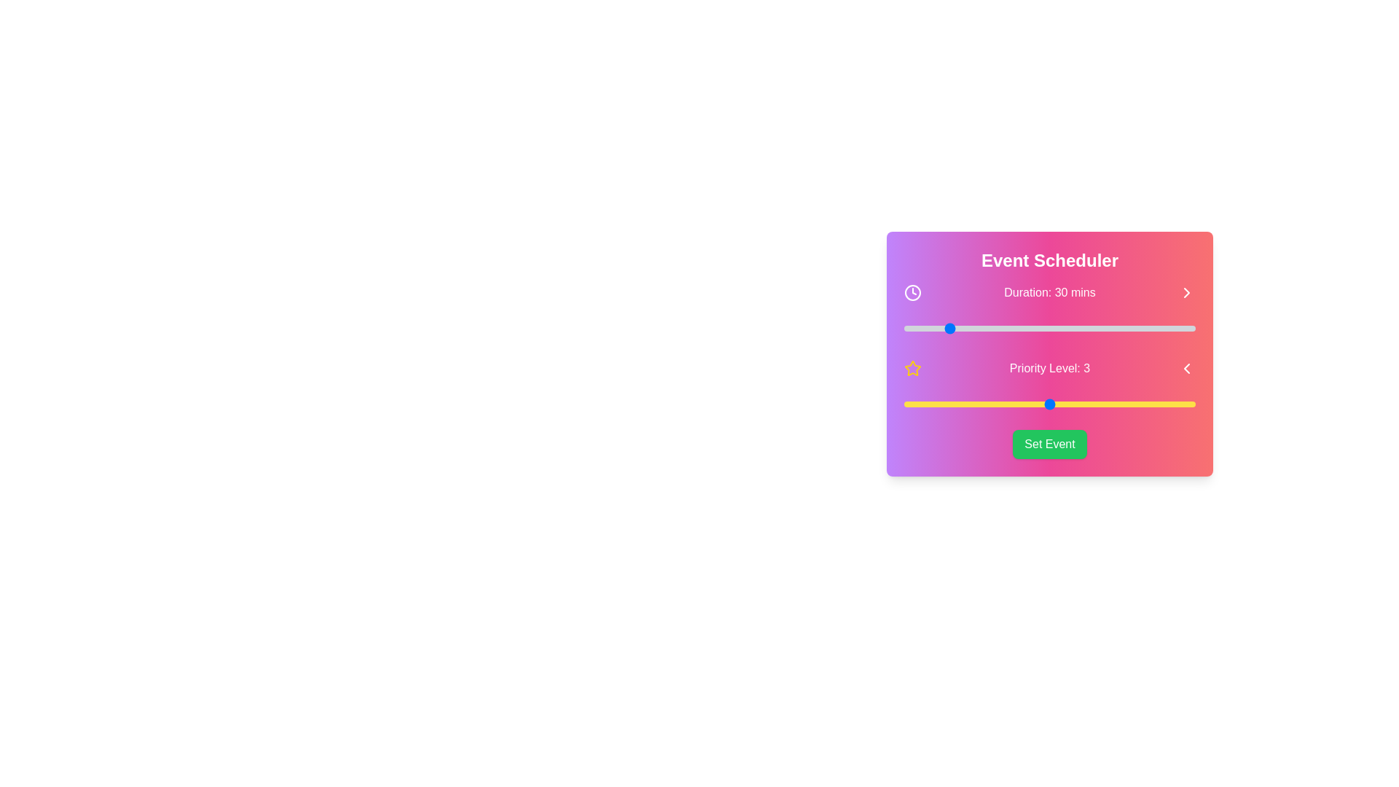  What do you see at coordinates (904, 404) in the screenshot?
I see `priority level` at bounding box center [904, 404].